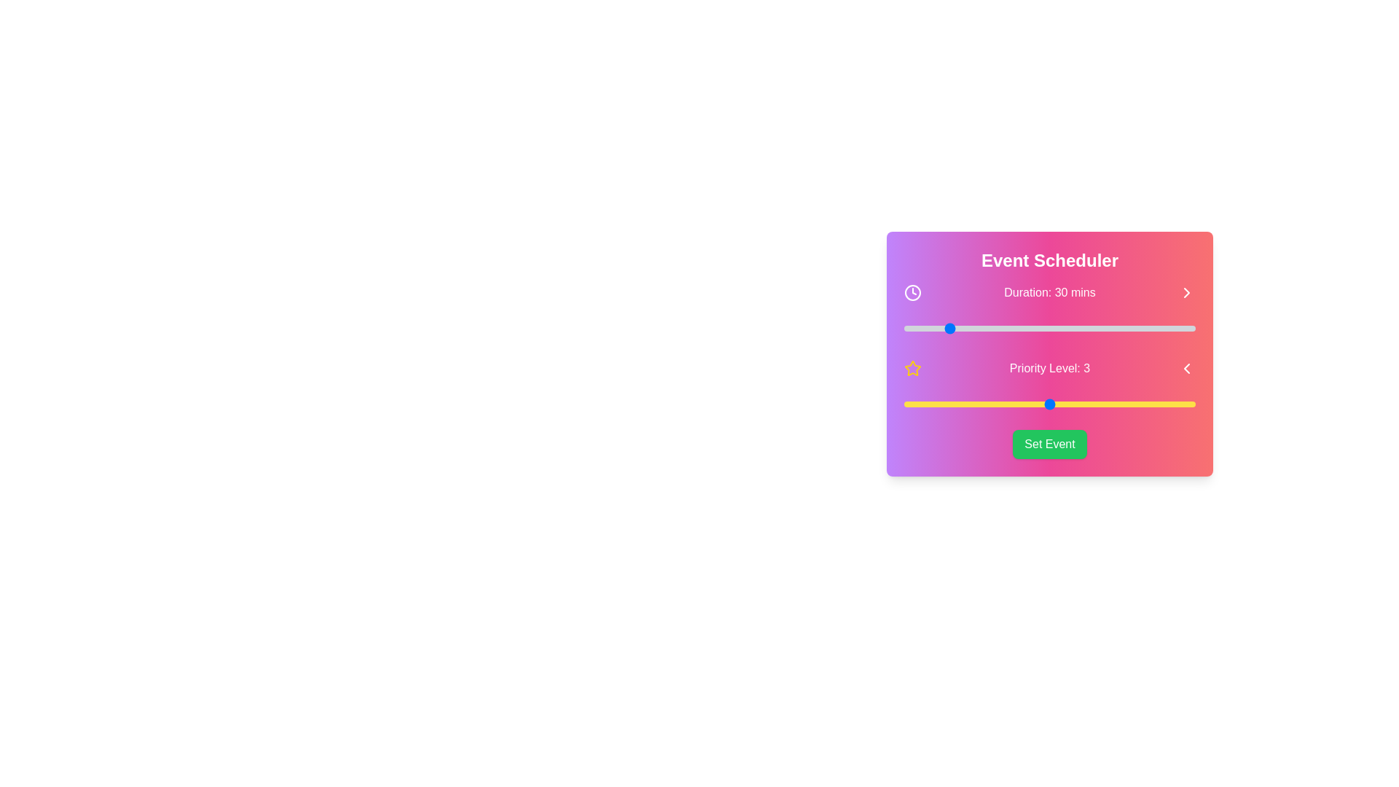  What do you see at coordinates (904, 404) in the screenshot?
I see `priority level` at bounding box center [904, 404].